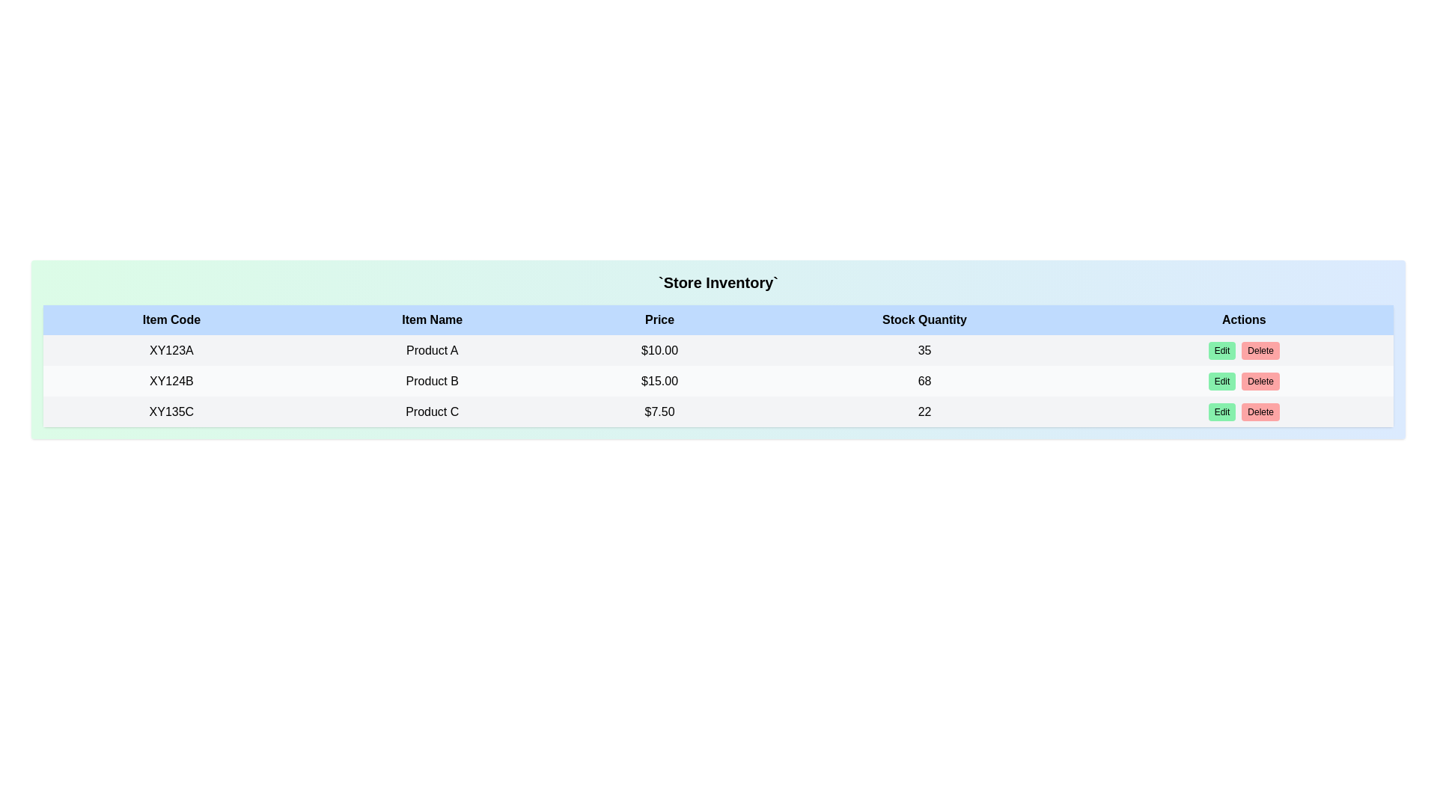 Image resolution: width=1437 pixels, height=808 pixels. I want to click on the interactive buttons group located in the last column of the first row under the 'Actions' label to activate hover effects, so click(1244, 350).